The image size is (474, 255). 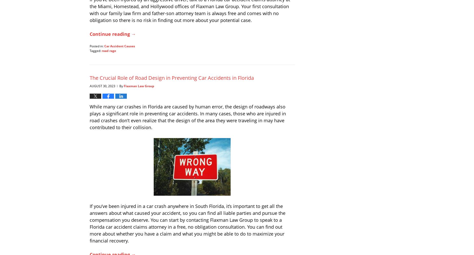 What do you see at coordinates (188, 117) in the screenshot?
I see `'While many car crashes in Florida are caused by human error, the design of roadways also plays a significant role in preventing car accidents. In many cases, those who are injured in road crashes don’t even realize that the design of the area they were traveling in may have contributed to their collision.'` at bounding box center [188, 117].